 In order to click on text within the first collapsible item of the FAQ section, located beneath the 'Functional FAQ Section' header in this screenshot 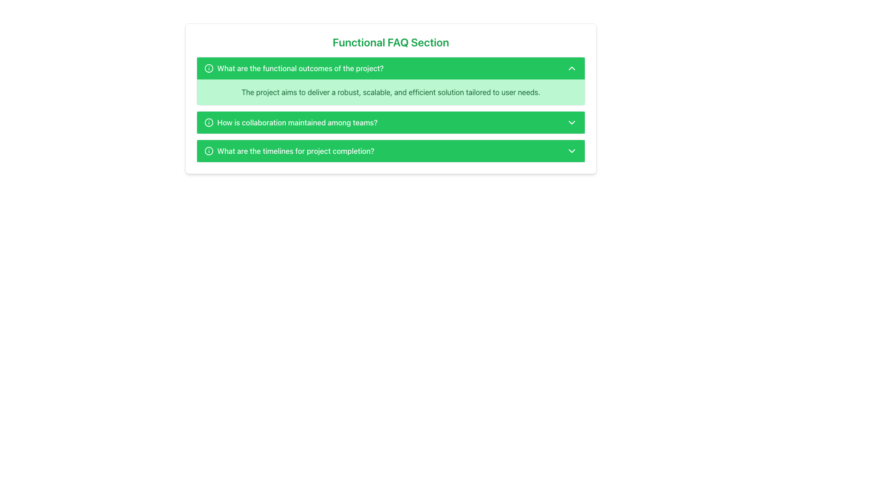, I will do `click(390, 109)`.